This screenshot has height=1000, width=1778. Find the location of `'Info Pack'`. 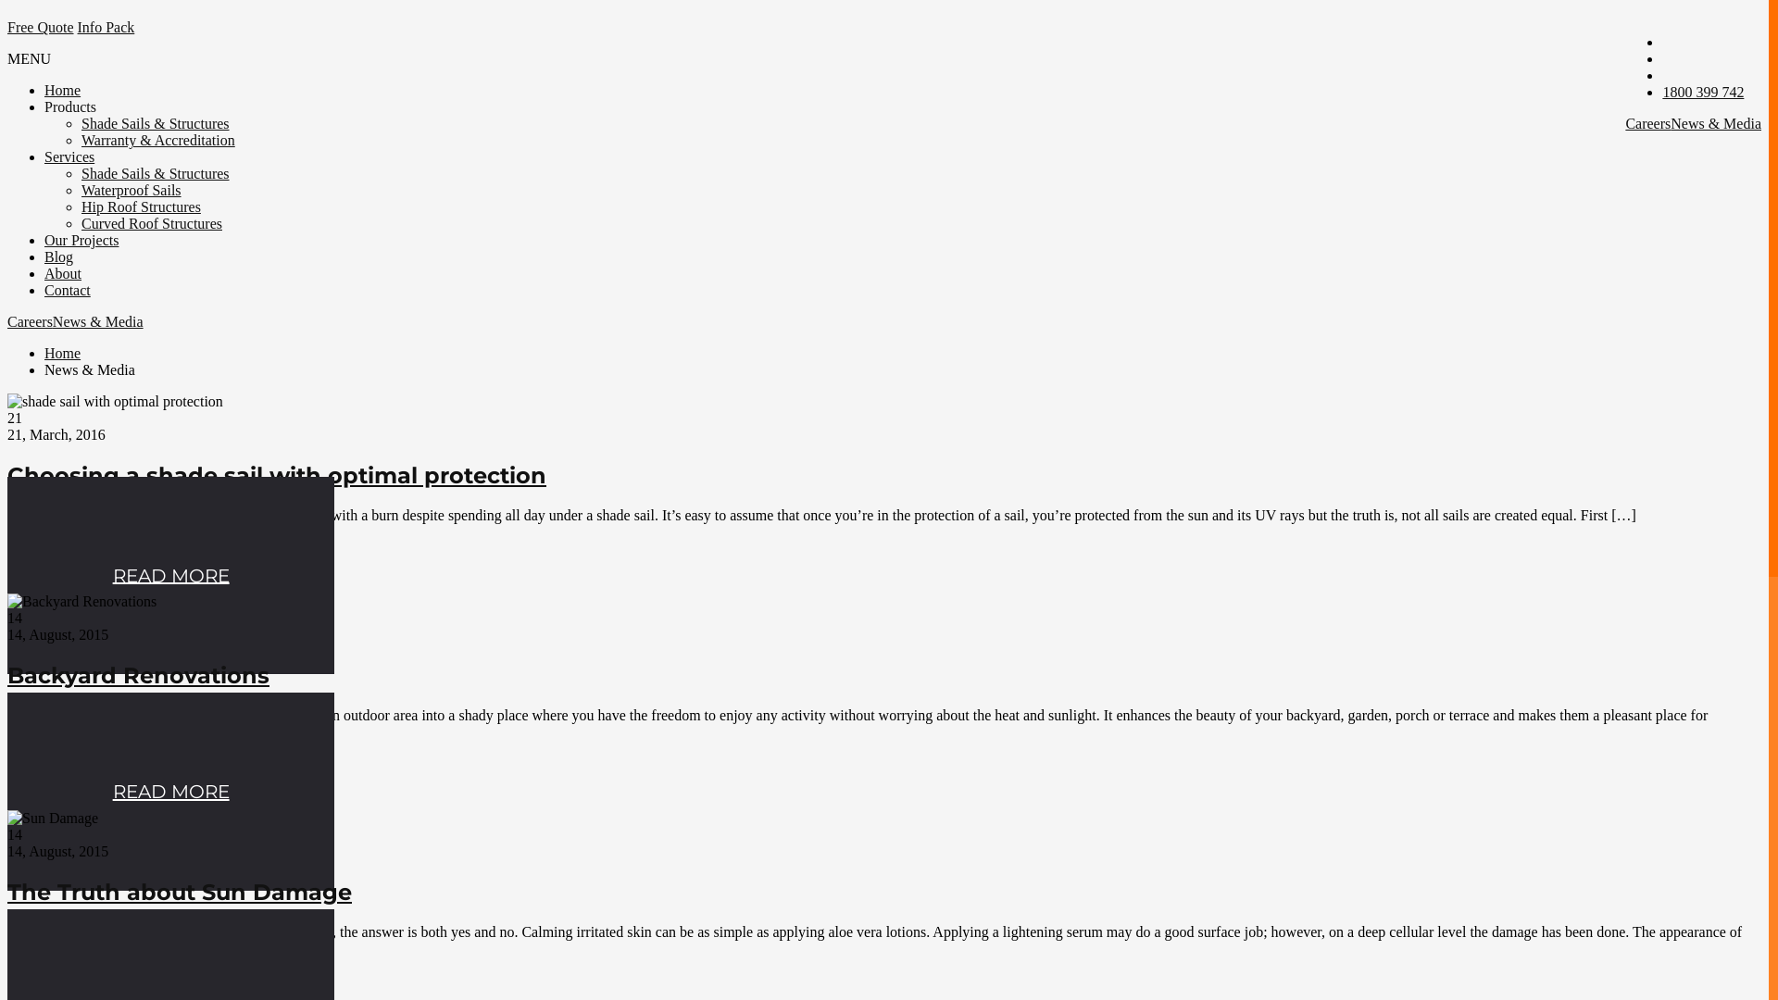

'Info Pack' is located at coordinates (106, 27).